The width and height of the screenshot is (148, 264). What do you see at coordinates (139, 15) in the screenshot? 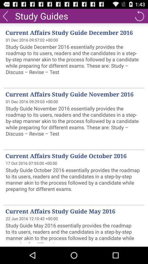
I see `go back` at bounding box center [139, 15].